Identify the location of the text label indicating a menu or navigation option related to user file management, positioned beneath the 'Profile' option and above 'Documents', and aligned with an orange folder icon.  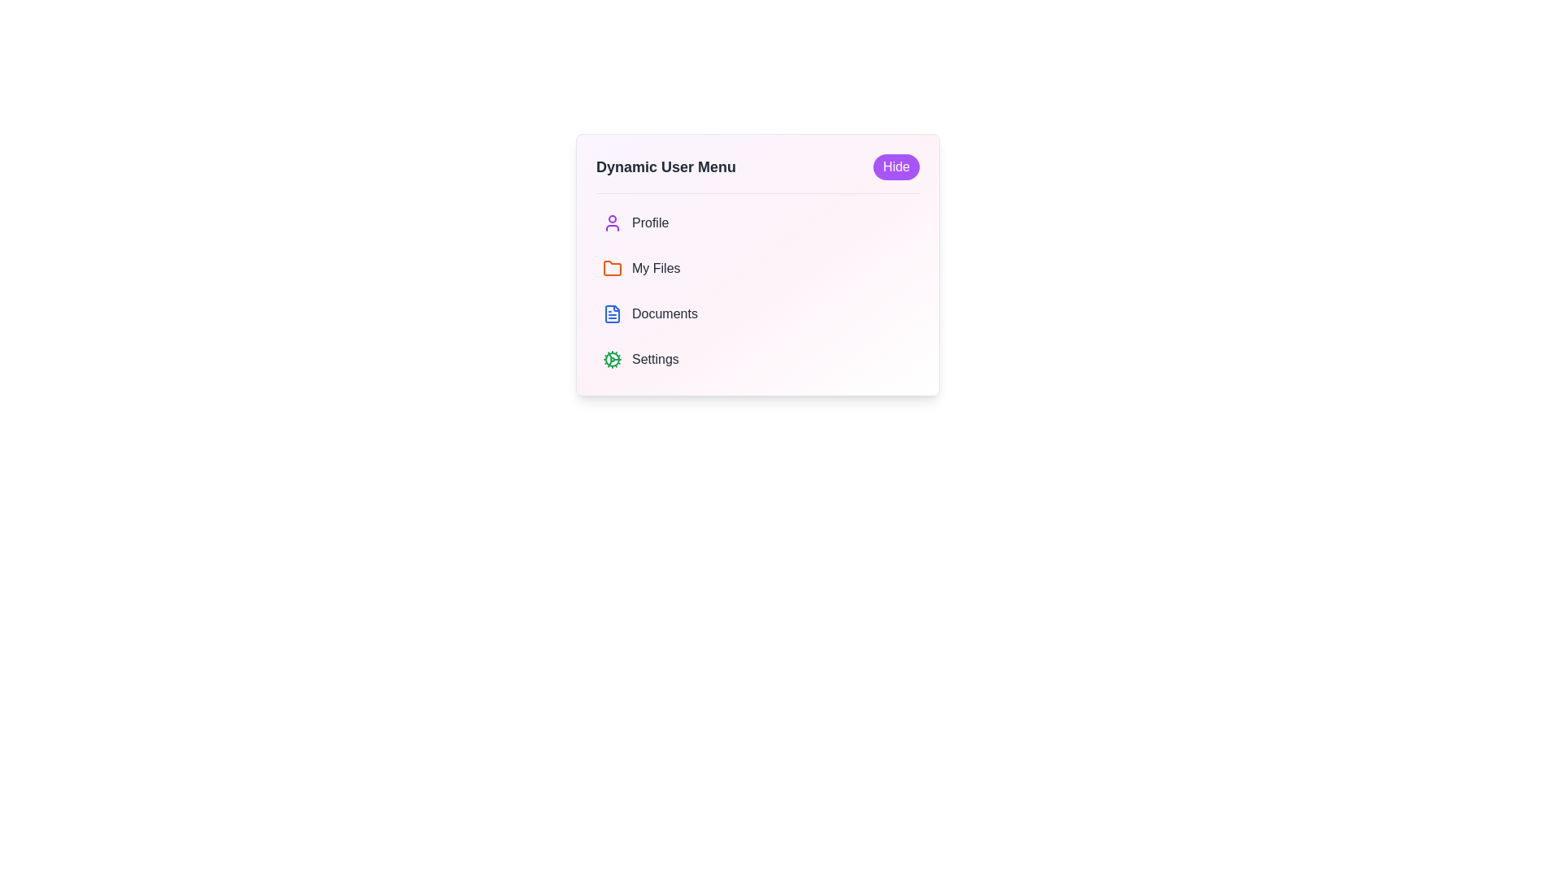
(656, 268).